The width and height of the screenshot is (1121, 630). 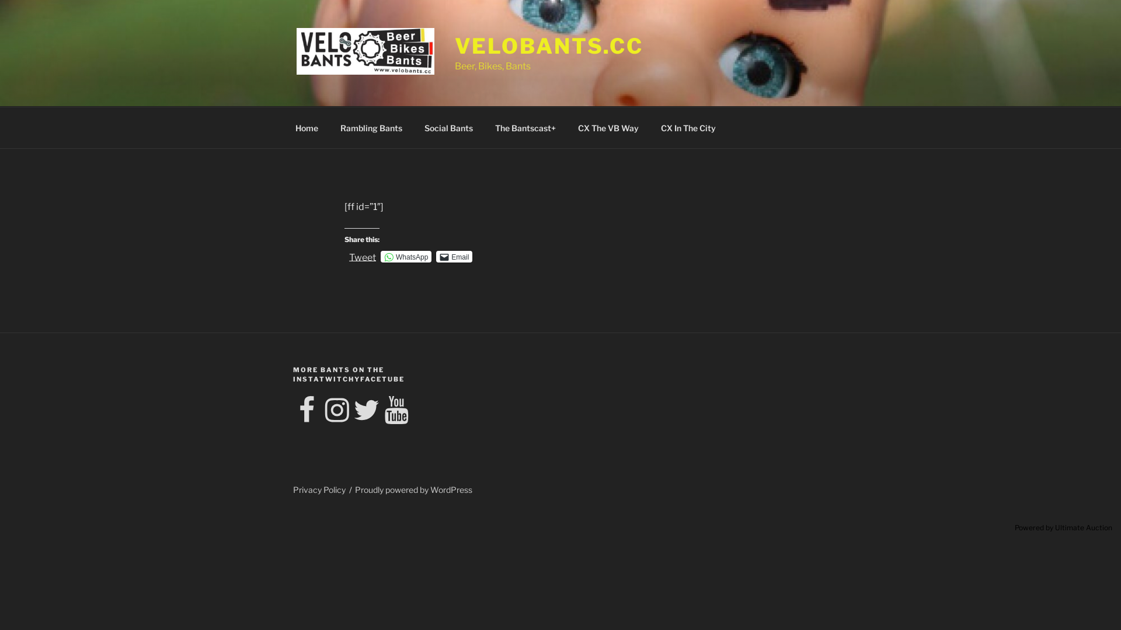 I want to click on 'Tweet', so click(x=361, y=256).